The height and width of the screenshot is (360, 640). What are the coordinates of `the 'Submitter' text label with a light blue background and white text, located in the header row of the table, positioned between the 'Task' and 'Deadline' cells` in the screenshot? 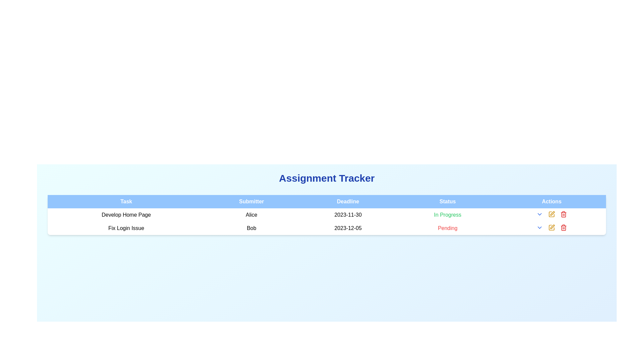 It's located at (251, 201).